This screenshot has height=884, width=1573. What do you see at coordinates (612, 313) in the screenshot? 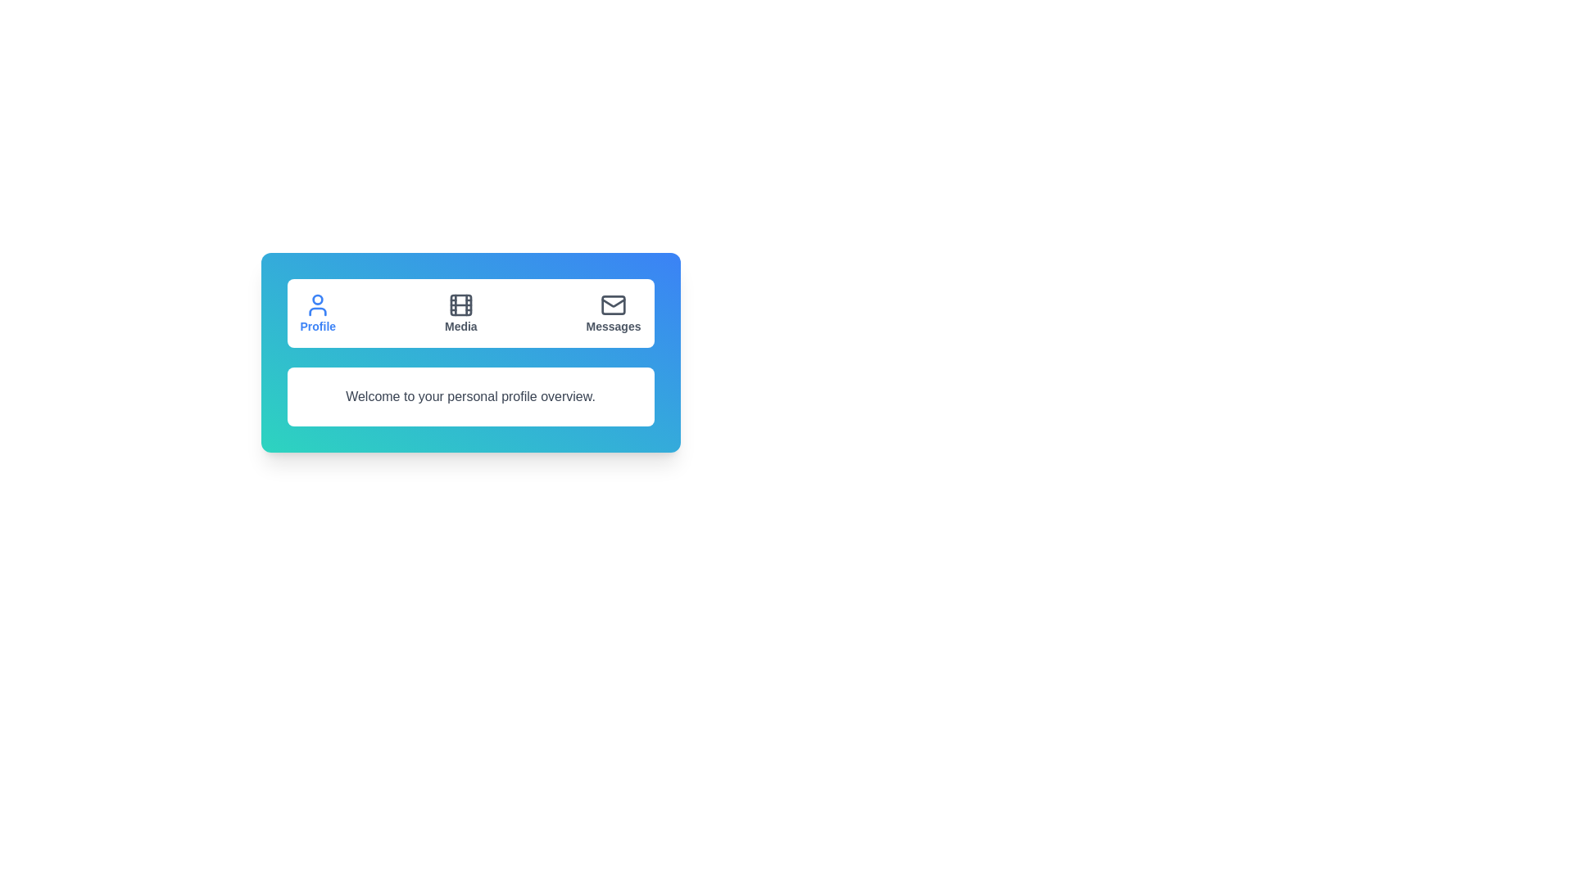
I see `the Messages tab by clicking on it` at bounding box center [612, 313].